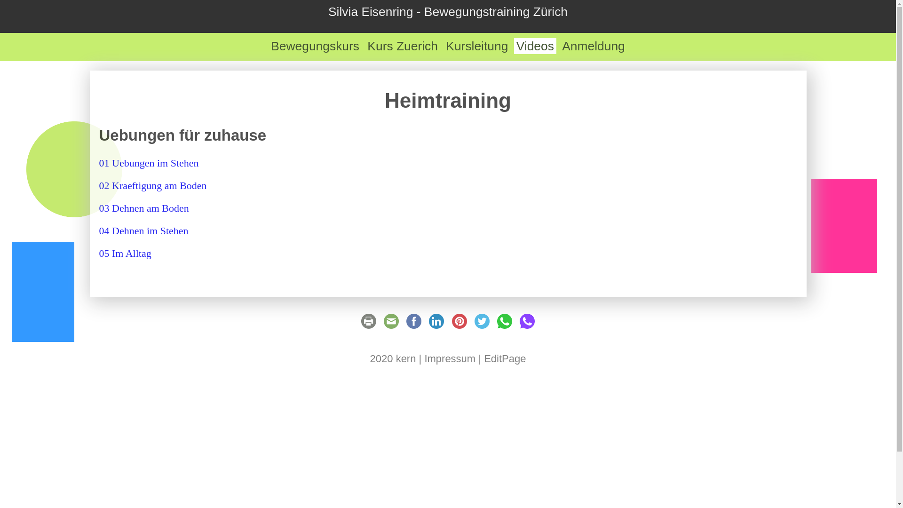 This screenshot has height=508, width=903. Describe the element at coordinates (436, 325) in the screenshot. I see `'LinkedIn'` at that location.